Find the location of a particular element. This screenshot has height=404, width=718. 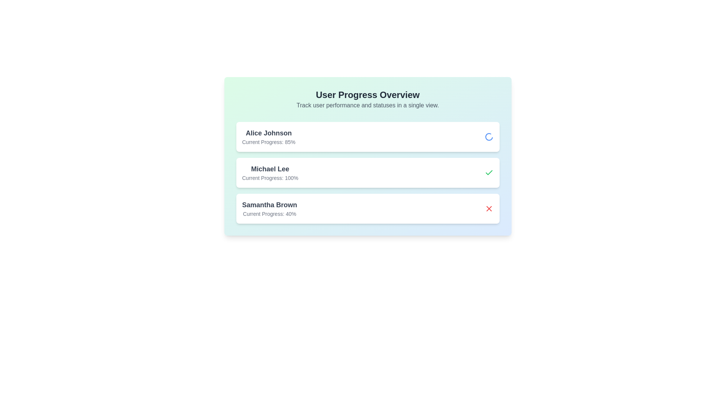

the Header text element, which serves as the title for the section and is located at the top of the content panel is located at coordinates (368, 95).